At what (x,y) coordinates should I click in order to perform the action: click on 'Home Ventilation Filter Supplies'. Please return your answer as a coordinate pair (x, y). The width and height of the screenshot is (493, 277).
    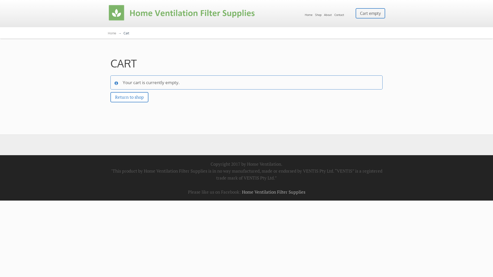
    Looking at the image, I should click on (273, 192).